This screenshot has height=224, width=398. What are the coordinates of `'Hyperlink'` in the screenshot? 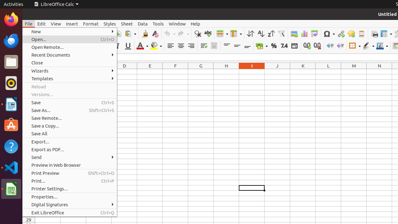 It's located at (340, 34).